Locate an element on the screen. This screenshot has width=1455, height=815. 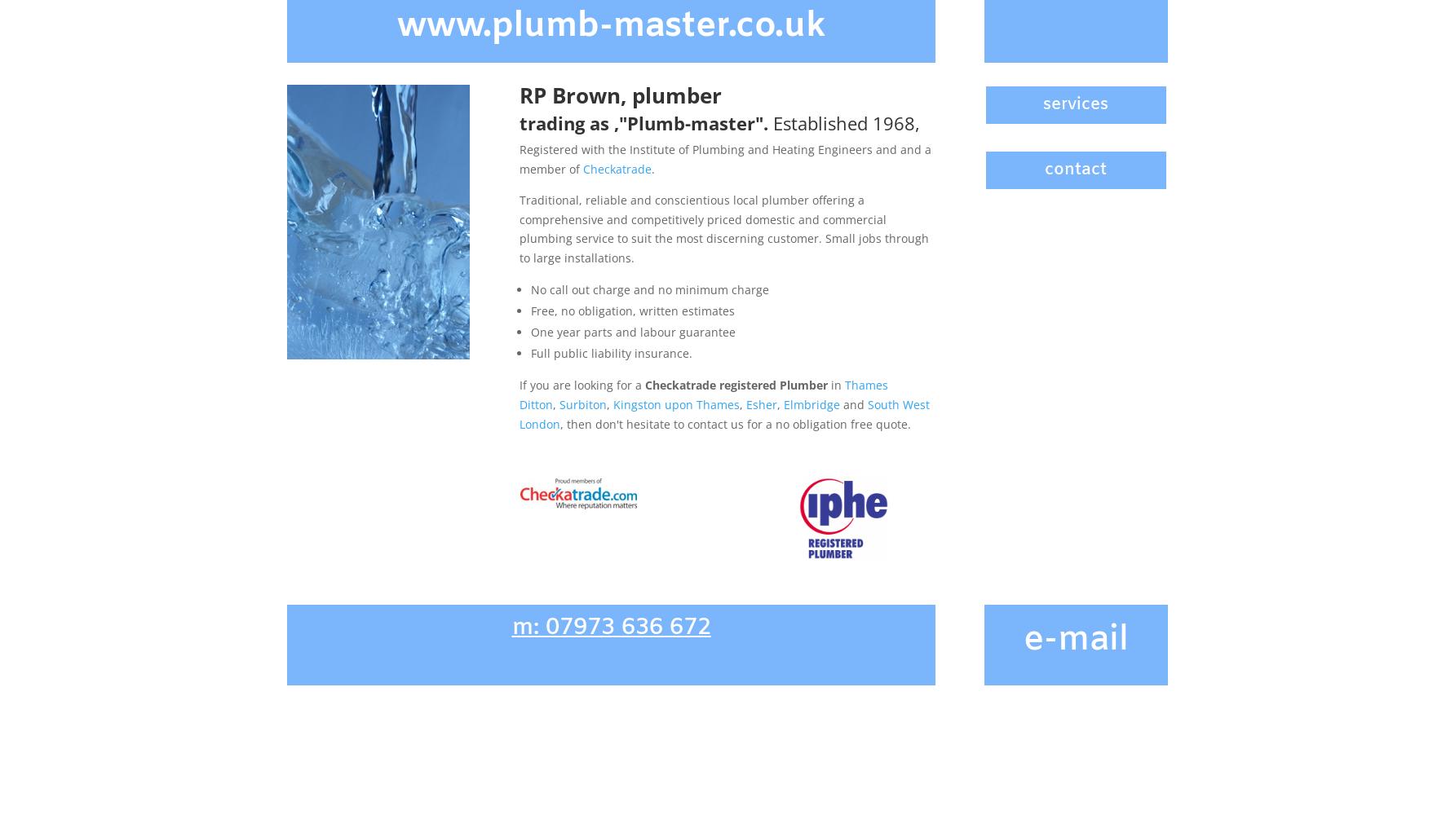
'trading as ‚"Plumb-master".' is located at coordinates (644, 123).